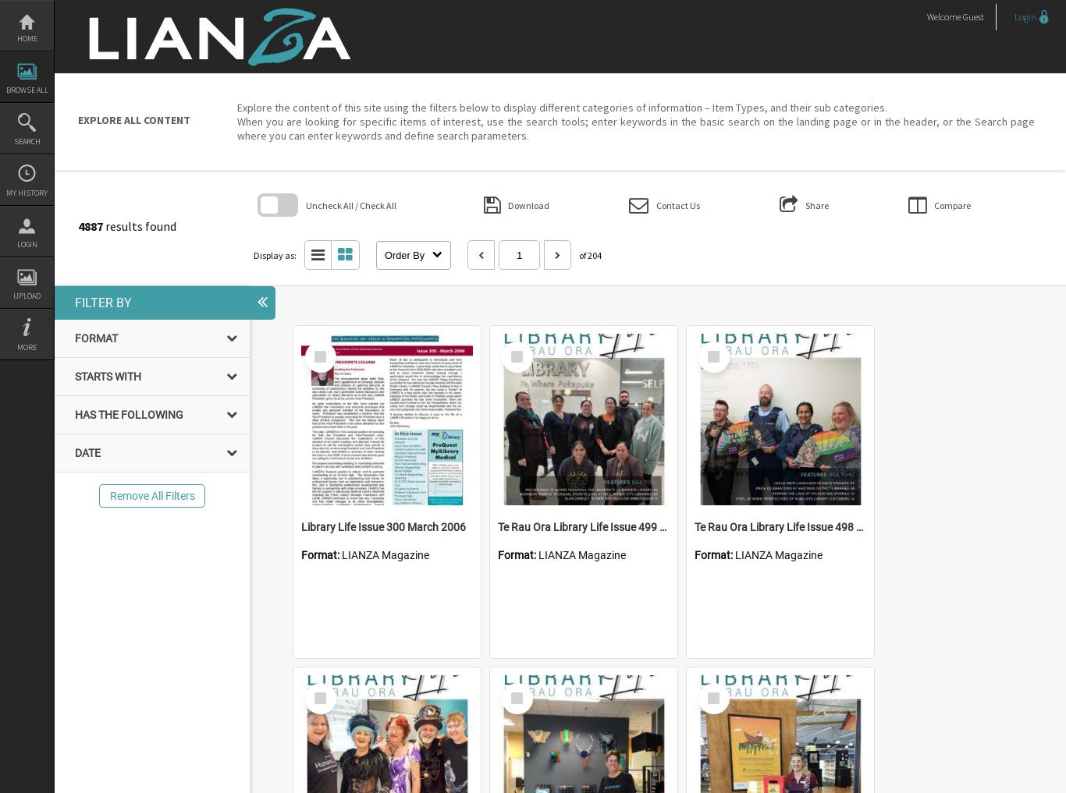 Image resolution: width=1066 pixels, height=793 pixels. I want to click on 'Te Rau Ora Library Life Issue 499 October 2023', so click(611, 526).